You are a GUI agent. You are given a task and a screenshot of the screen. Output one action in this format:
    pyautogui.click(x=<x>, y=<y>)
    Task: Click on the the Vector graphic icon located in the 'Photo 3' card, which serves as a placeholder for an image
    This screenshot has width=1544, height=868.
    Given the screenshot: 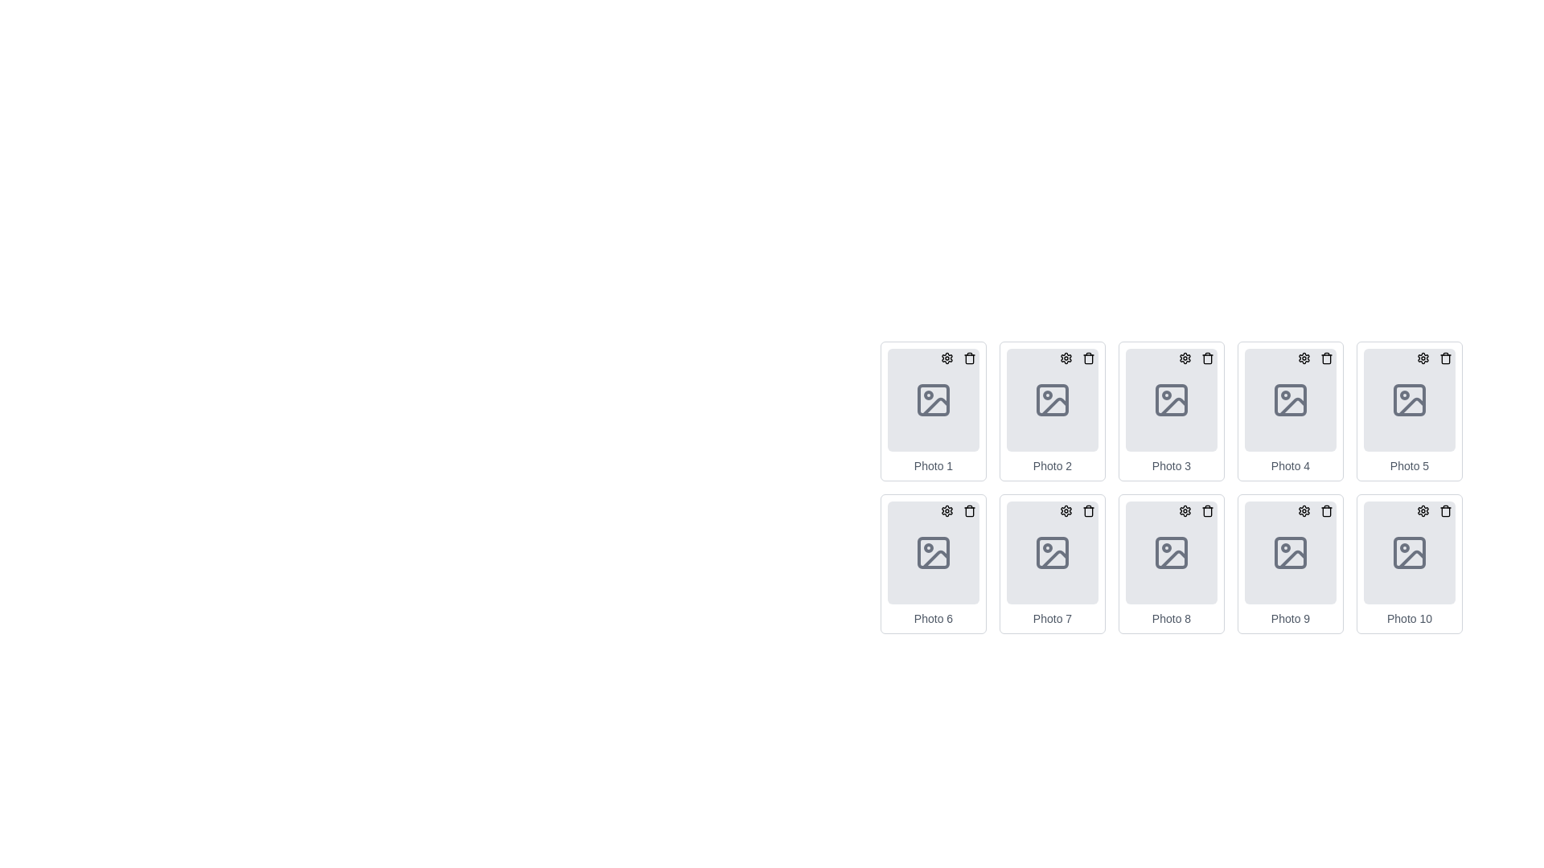 What is the action you would take?
    pyautogui.click(x=1172, y=399)
    